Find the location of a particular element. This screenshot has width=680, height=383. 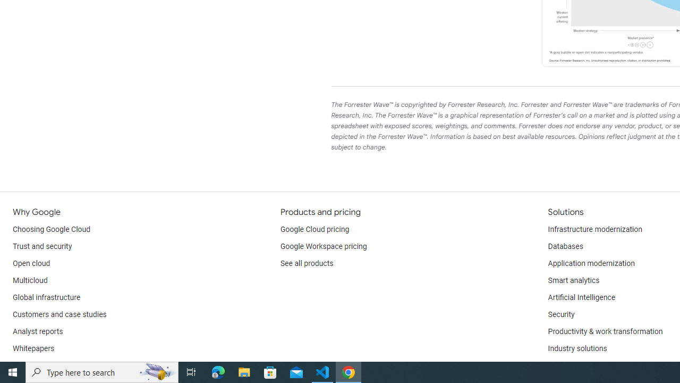

'Security' is located at coordinates (560, 314).